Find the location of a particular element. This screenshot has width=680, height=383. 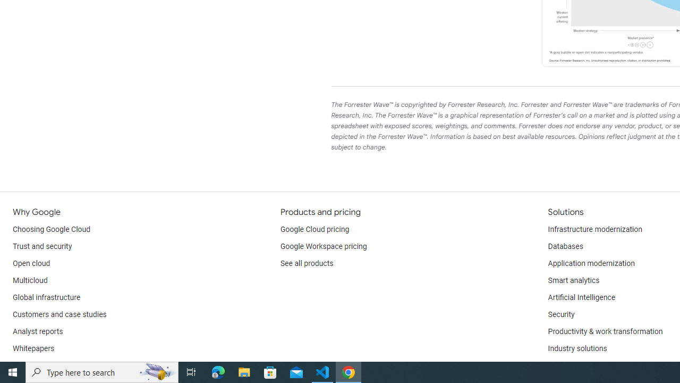

'Security' is located at coordinates (560, 314).